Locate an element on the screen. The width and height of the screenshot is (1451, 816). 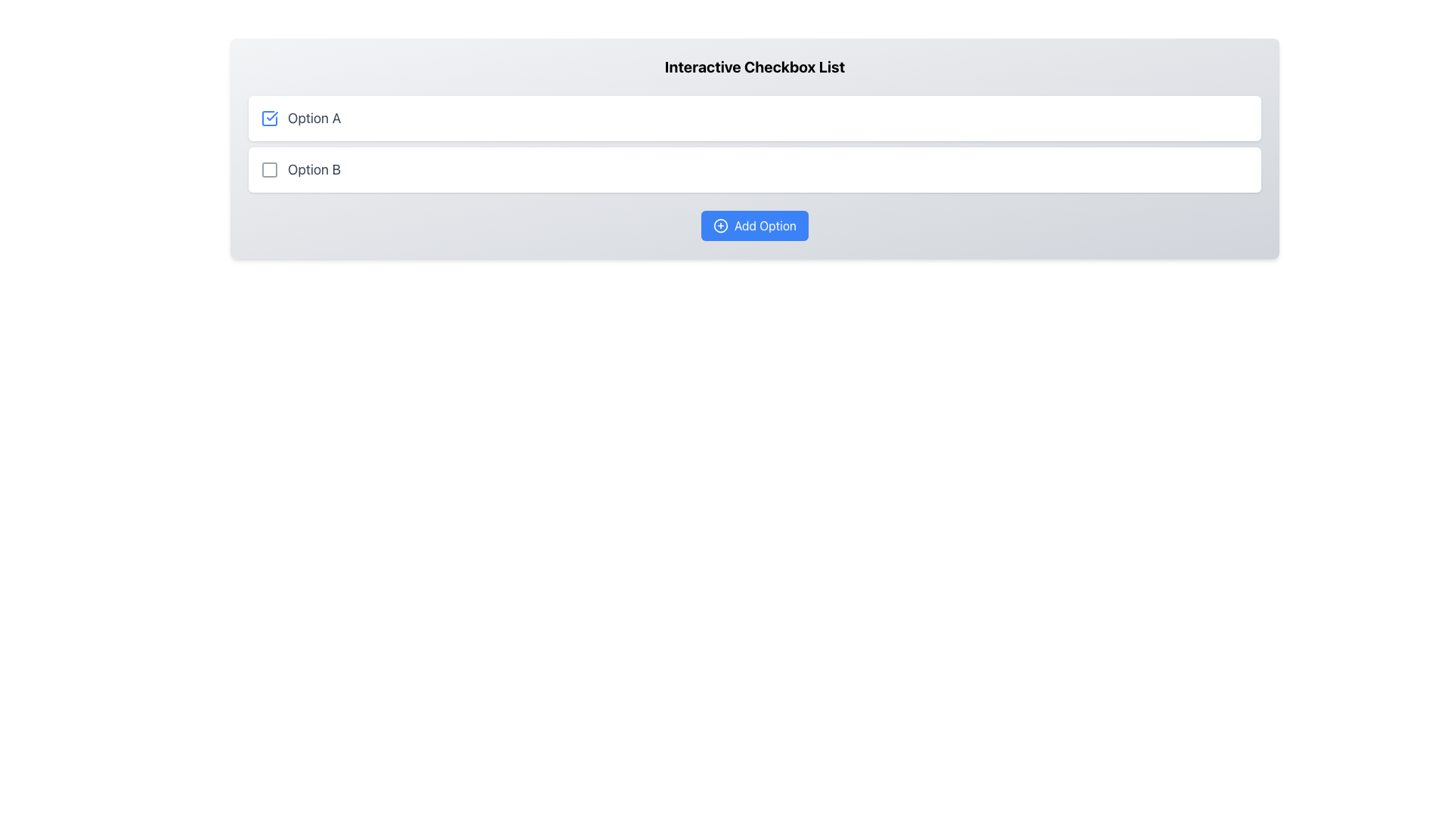
the action button for adding a new option to the list of checkboxes is located at coordinates (754, 226).